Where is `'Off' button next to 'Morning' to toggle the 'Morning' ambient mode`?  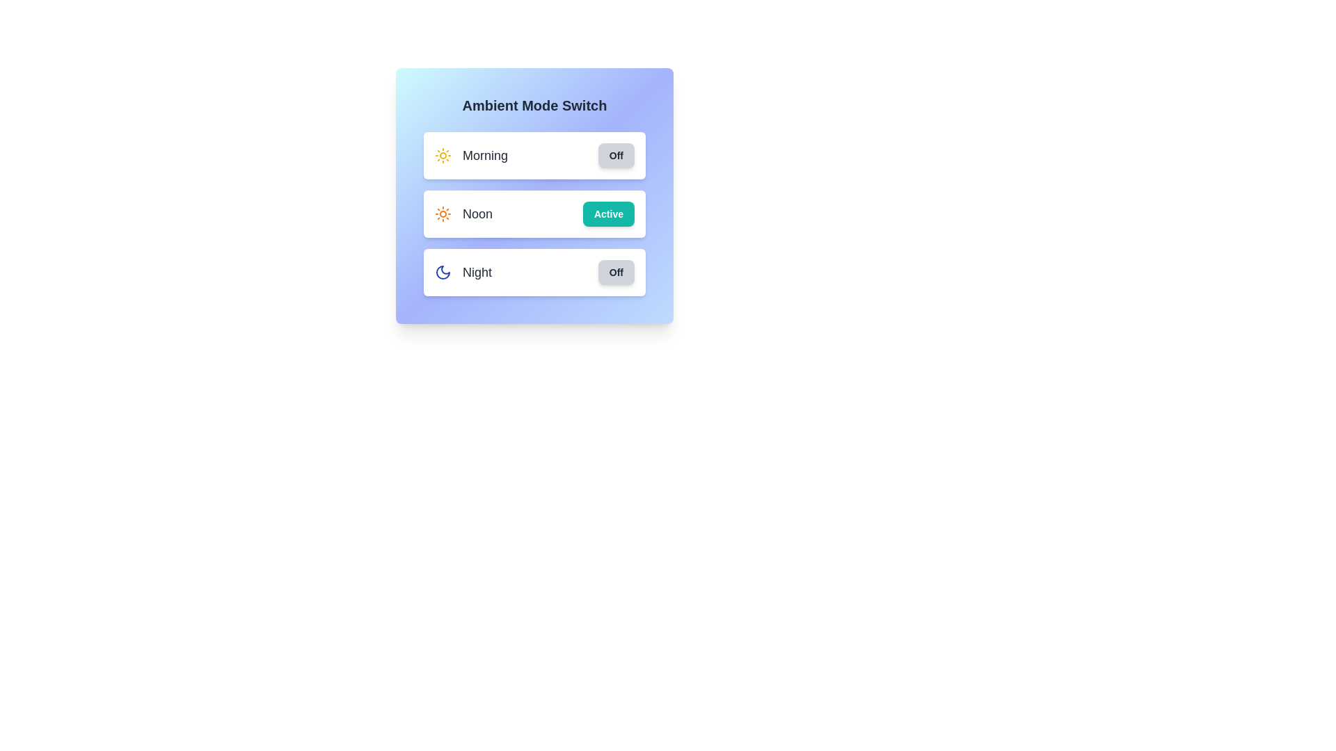
'Off' button next to 'Morning' to toggle the 'Morning' ambient mode is located at coordinates (615, 155).